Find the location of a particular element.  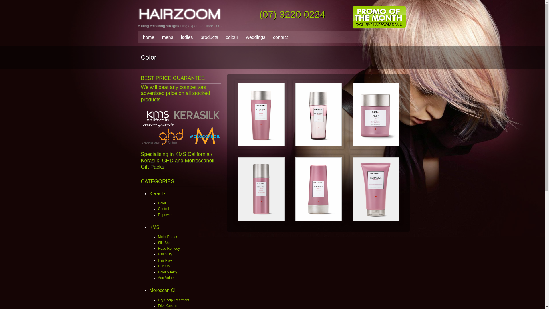

'Repower' is located at coordinates (164, 215).